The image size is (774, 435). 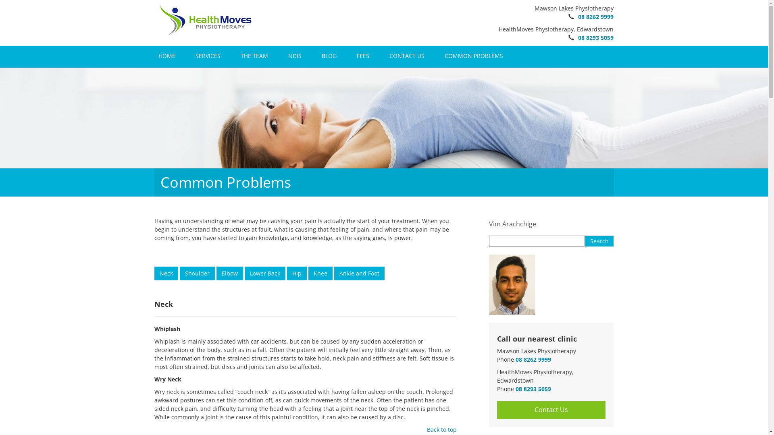 I want to click on 'Search', so click(x=599, y=240).